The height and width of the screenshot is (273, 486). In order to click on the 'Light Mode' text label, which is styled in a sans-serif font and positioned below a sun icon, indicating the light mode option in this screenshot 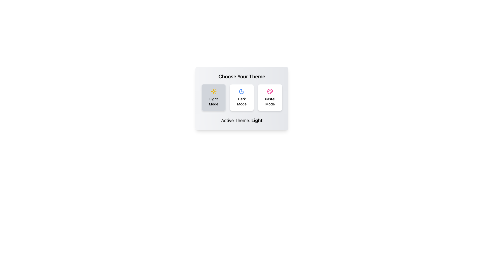, I will do `click(213, 101)`.